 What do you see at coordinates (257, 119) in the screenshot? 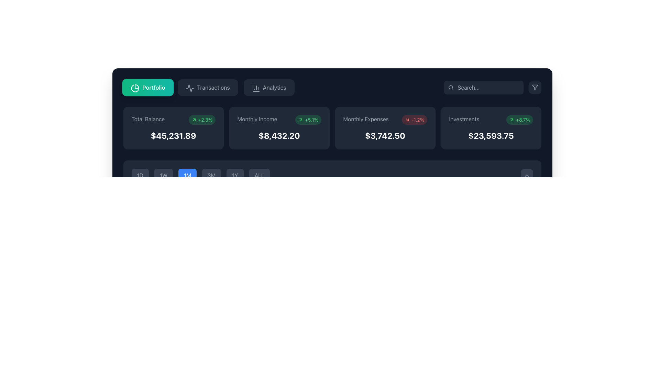
I see `the Text Label that serves as the title for 'Monthly Income', located in the upper-left corner of the second summary card` at bounding box center [257, 119].